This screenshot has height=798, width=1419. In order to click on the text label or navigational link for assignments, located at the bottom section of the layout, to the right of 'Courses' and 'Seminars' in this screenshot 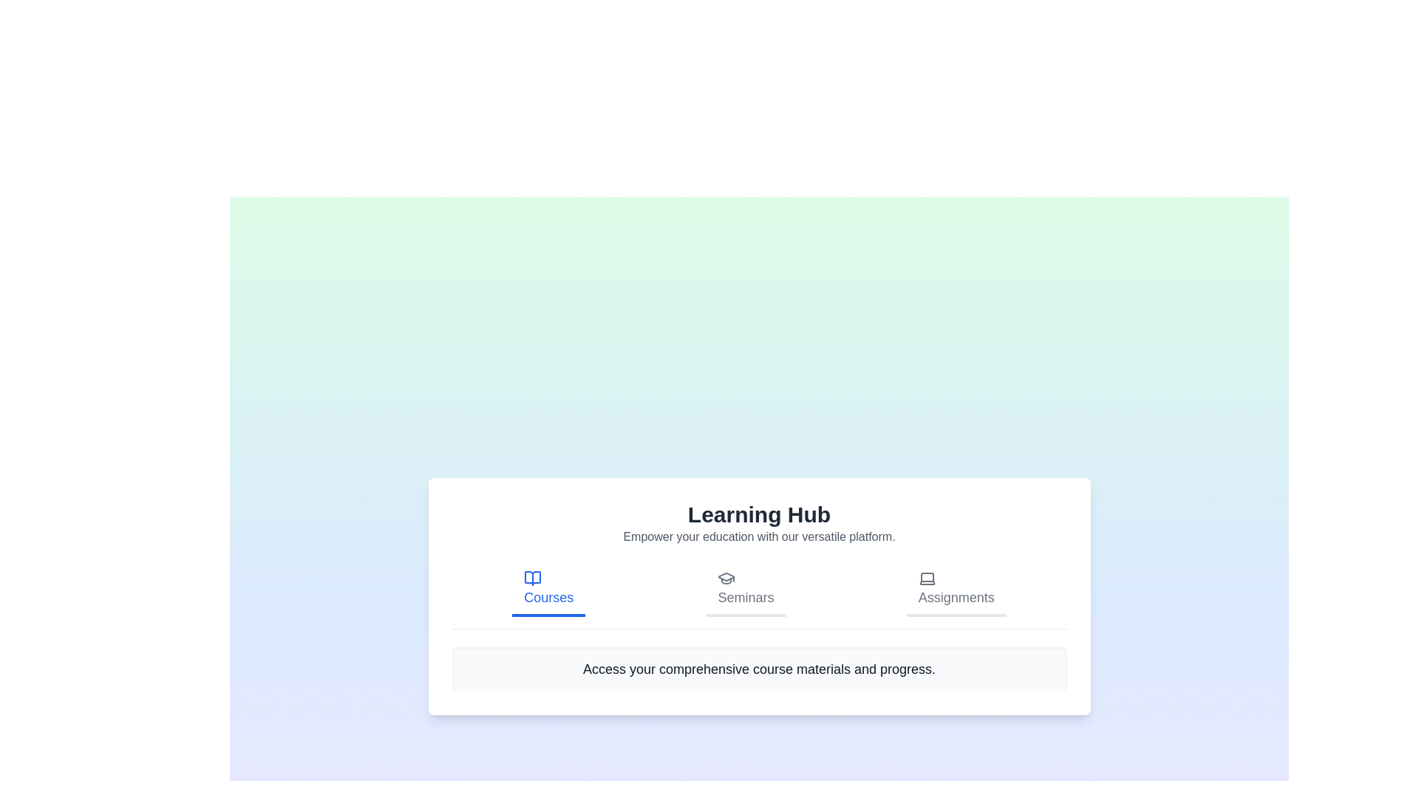, I will do `click(956, 596)`.